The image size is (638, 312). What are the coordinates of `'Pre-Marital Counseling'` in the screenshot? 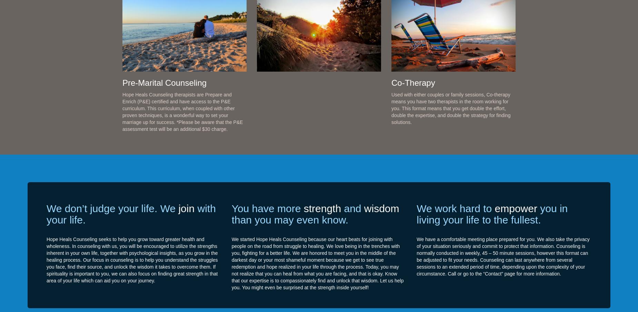 It's located at (122, 83).